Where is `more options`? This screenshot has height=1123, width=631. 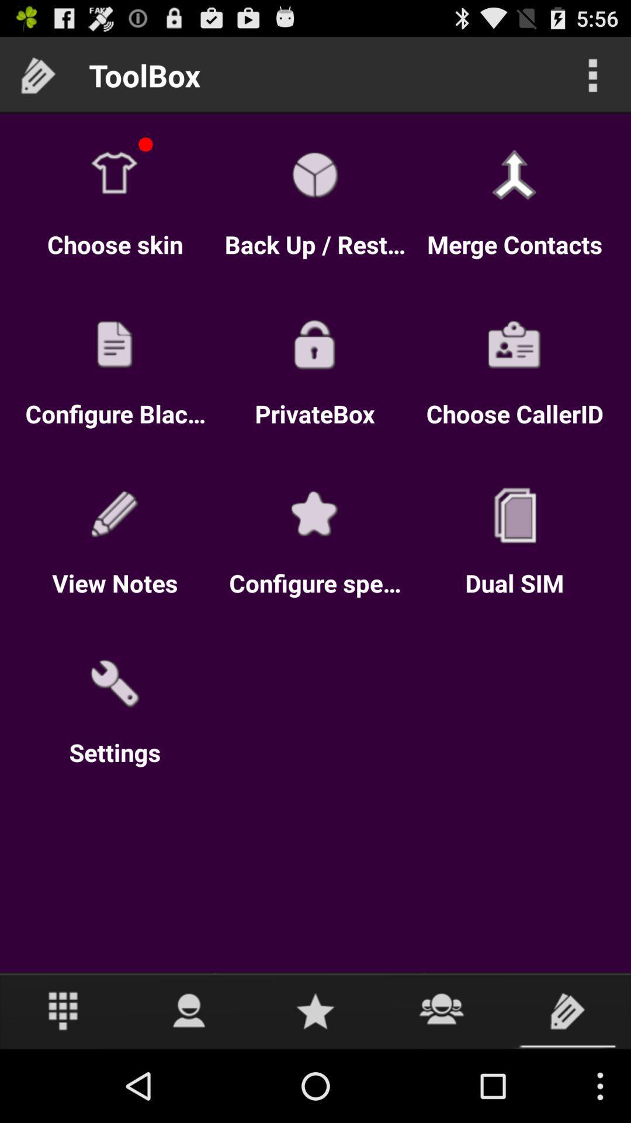
more options is located at coordinates (592, 74).